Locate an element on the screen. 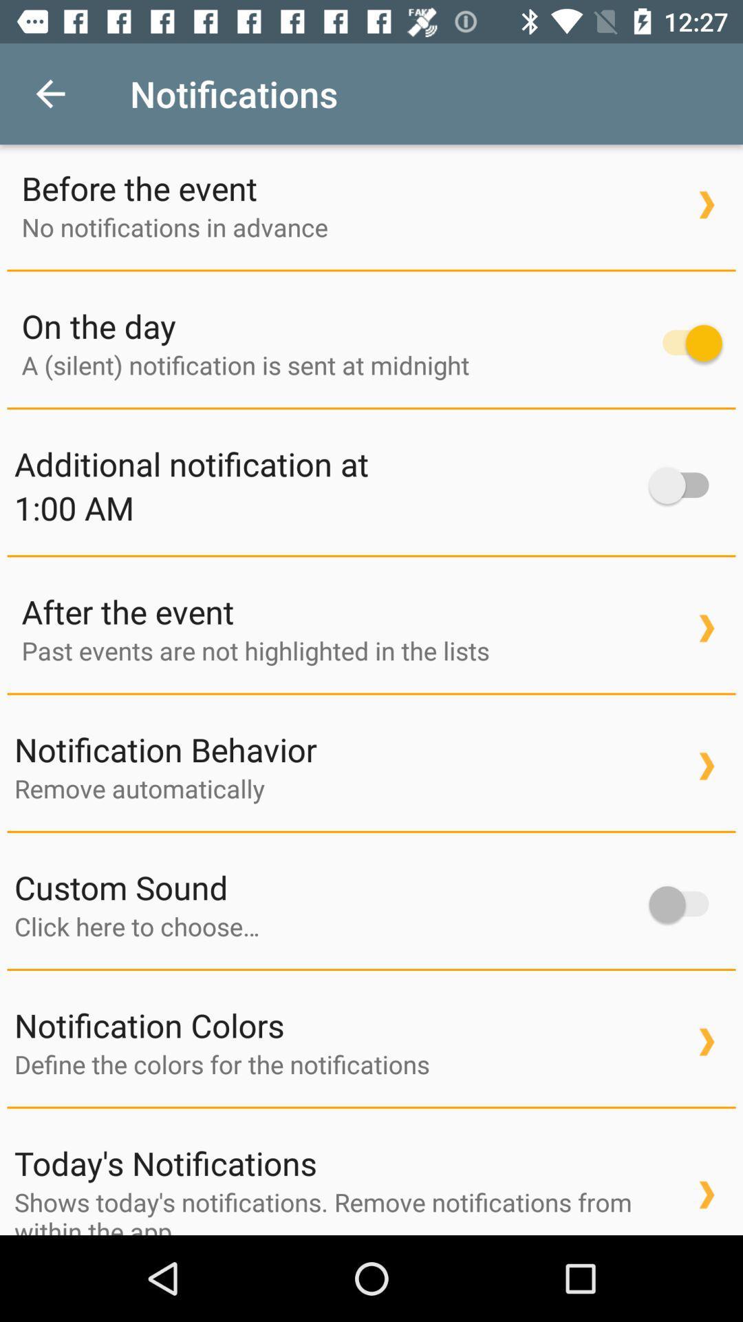  item to the right of the custom sound is located at coordinates (685, 904).